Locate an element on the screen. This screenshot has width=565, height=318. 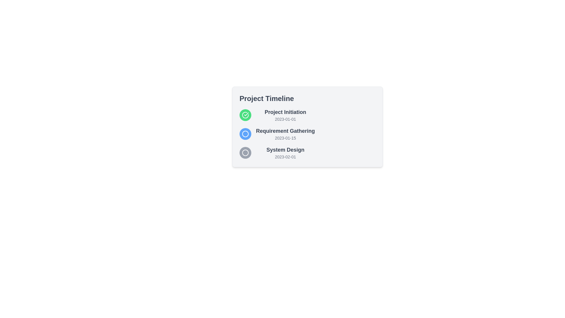
the circular icon in the 'Project Timeline' section, which is the second icon in a vertical sequence and is positioned next to the 'Requirement Gathering' text is located at coordinates (245, 134).